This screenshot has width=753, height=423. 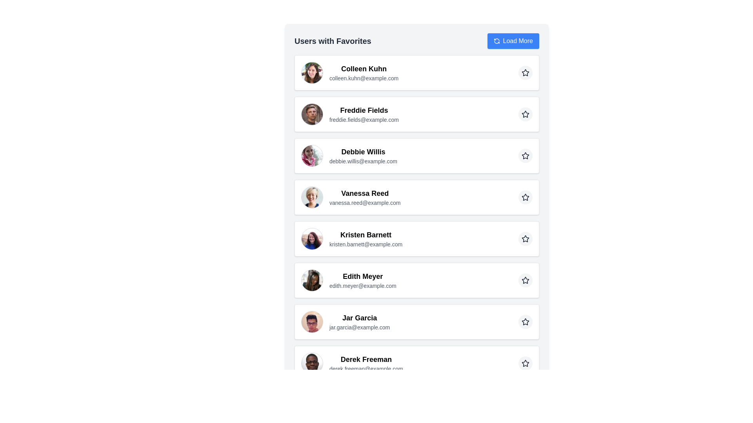 What do you see at coordinates (525, 114) in the screenshot?
I see `the star icon button next to 'Freddie Fields'` at bounding box center [525, 114].